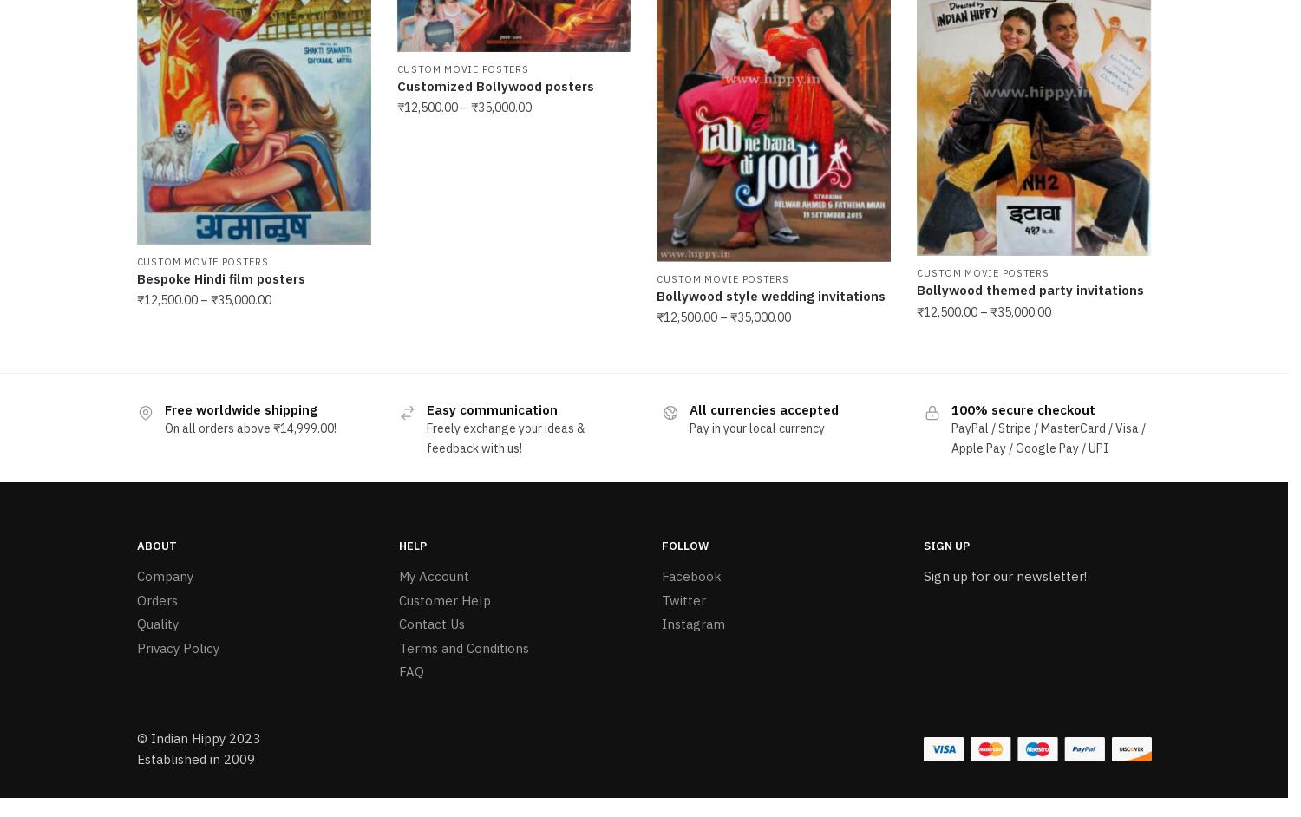  Describe the element at coordinates (396, 82) in the screenshot. I see `'Customized Bollywood posters'` at that location.